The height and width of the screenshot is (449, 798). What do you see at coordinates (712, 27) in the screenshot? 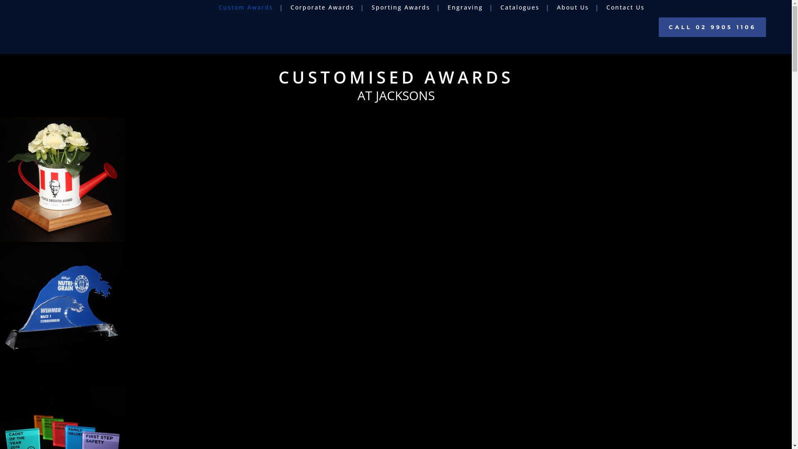
I see `'CALL 02 9905 1106'` at bounding box center [712, 27].